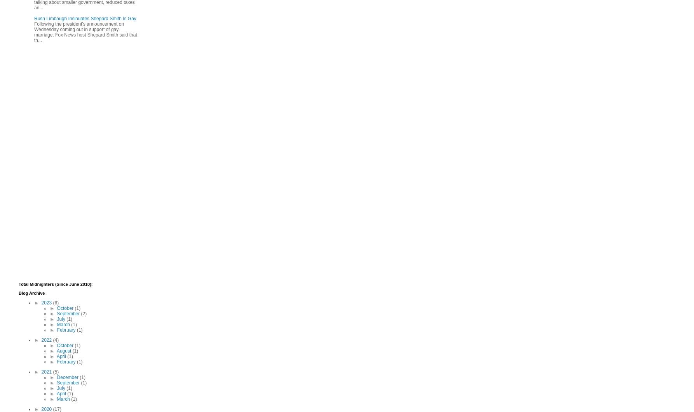 The height and width of the screenshot is (412, 694). What do you see at coordinates (83, 313) in the screenshot?
I see `'(2)'` at bounding box center [83, 313].